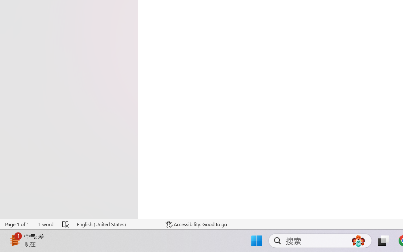  I want to click on 'Spelling and Grammar Check Errors', so click(66, 224).